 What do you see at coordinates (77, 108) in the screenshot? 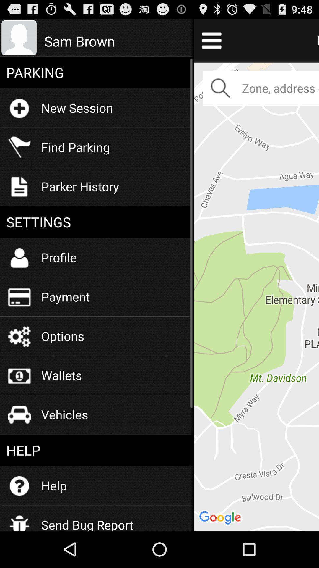
I see `the icon below the parking icon` at bounding box center [77, 108].